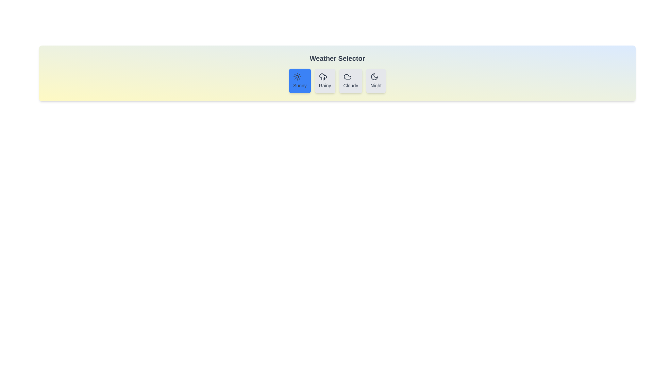 Image resolution: width=653 pixels, height=367 pixels. Describe the element at coordinates (375, 81) in the screenshot. I see `the button corresponding to the weather option Night` at that location.